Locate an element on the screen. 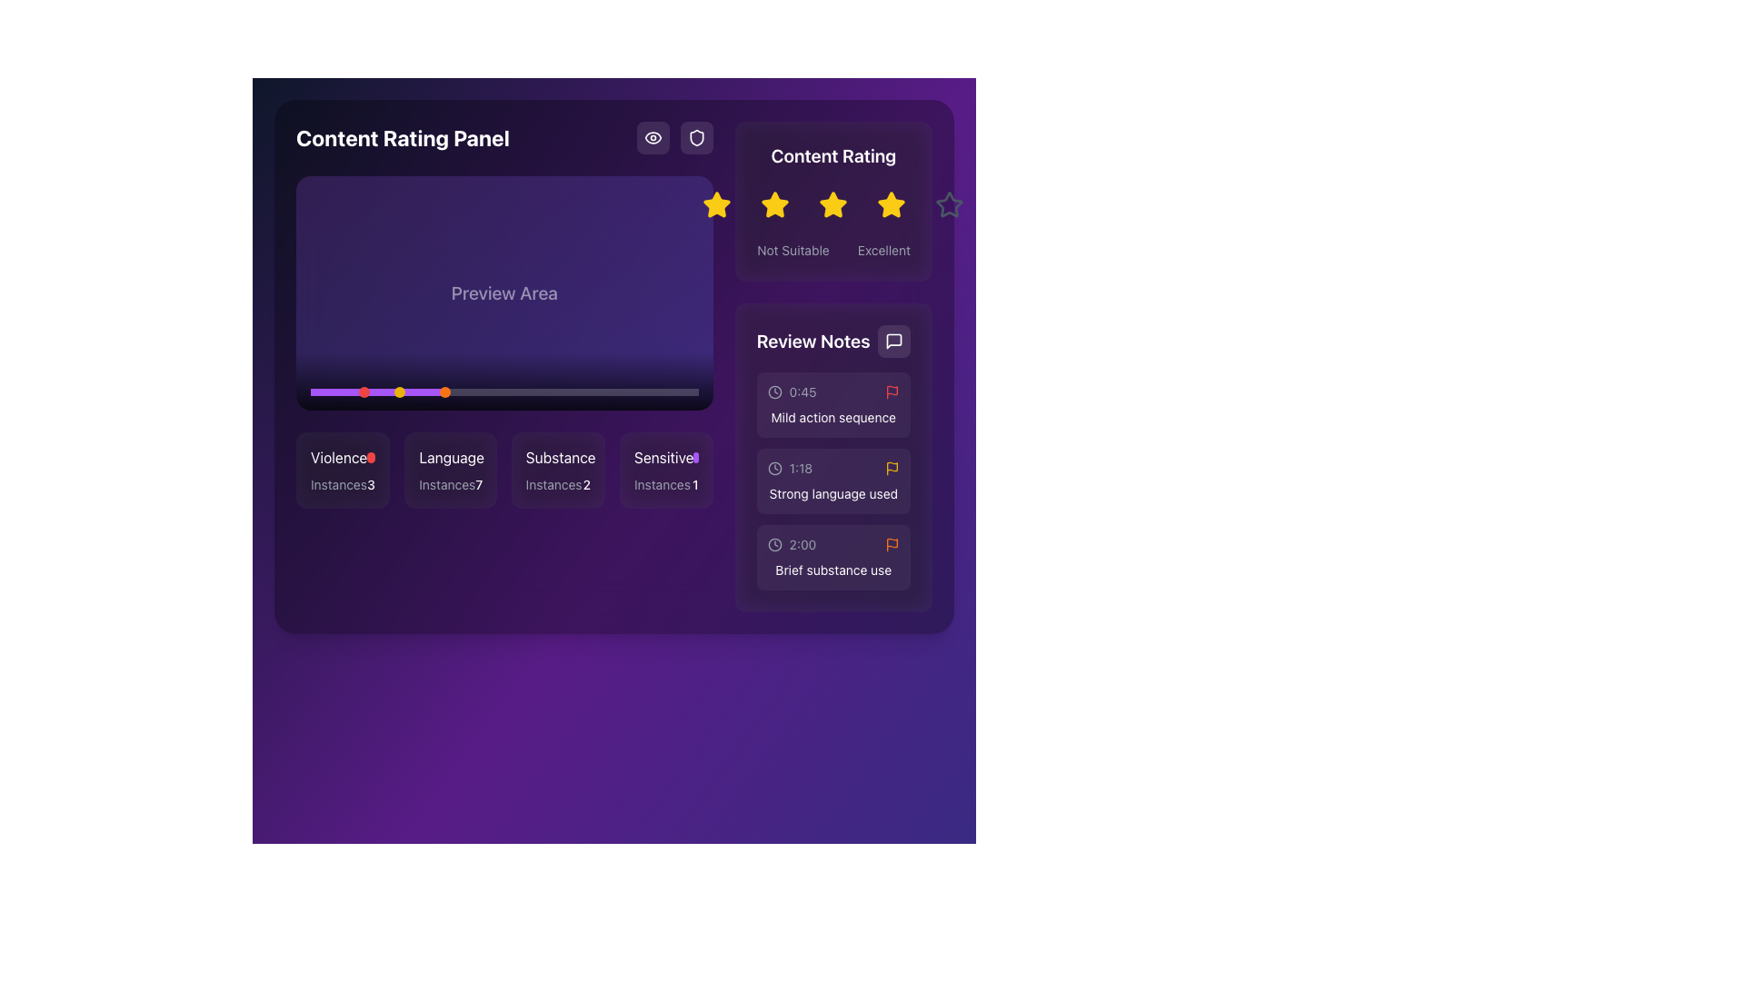 The height and width of the screenshot is (981, 1745). text from the Label/Text Display located in the lower left section of the interface, which is the first item in a horizontal list of similar elements is located at coordinates (339, 456).